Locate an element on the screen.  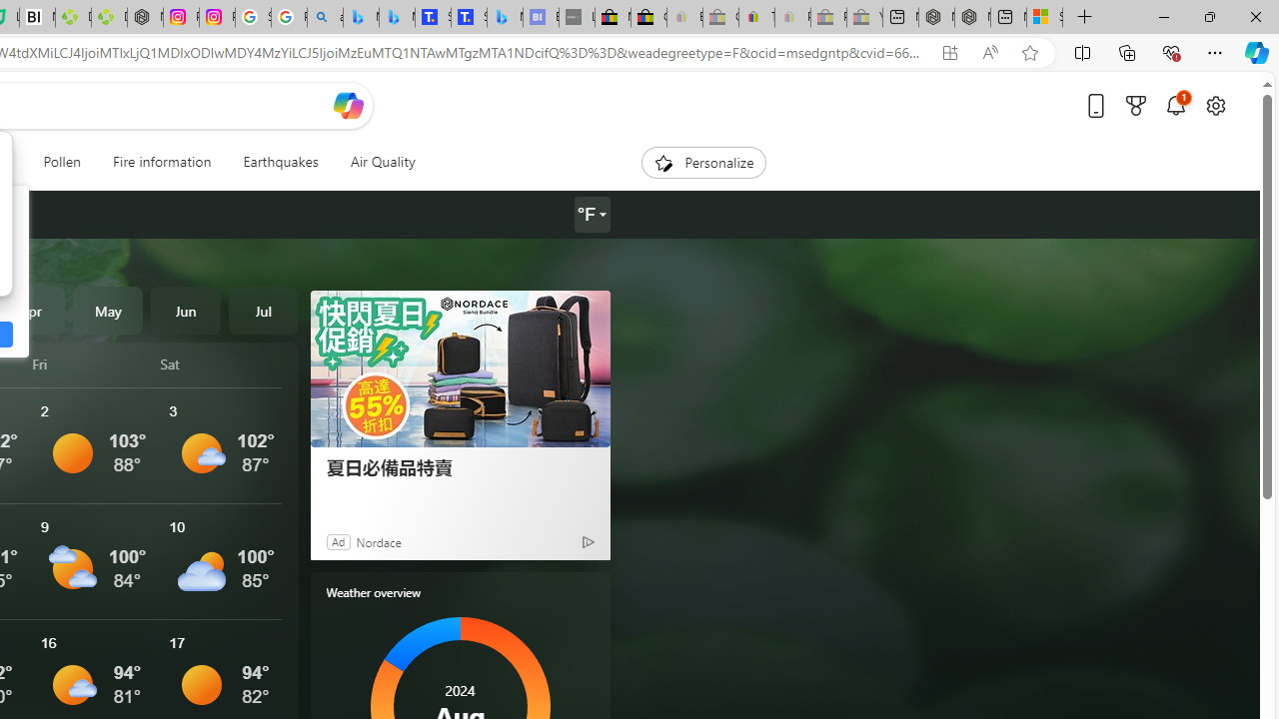
'Air Quality' is located at coordinates (382, 162).